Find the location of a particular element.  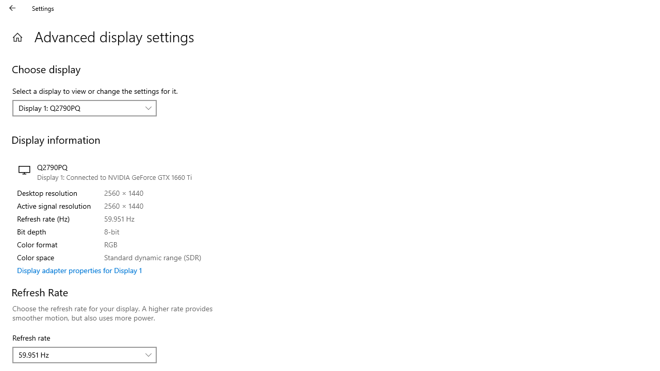

'Select a display to view or change the settings for it.' is located at coordinates (85, 108).